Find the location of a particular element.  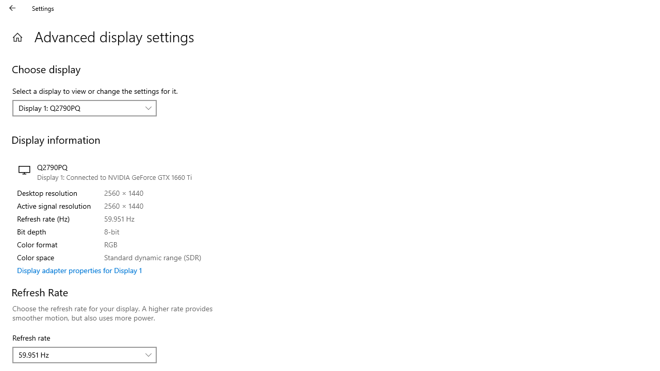

'Select a display to view or change the settings for it.' is located at coordinates (85, 108).